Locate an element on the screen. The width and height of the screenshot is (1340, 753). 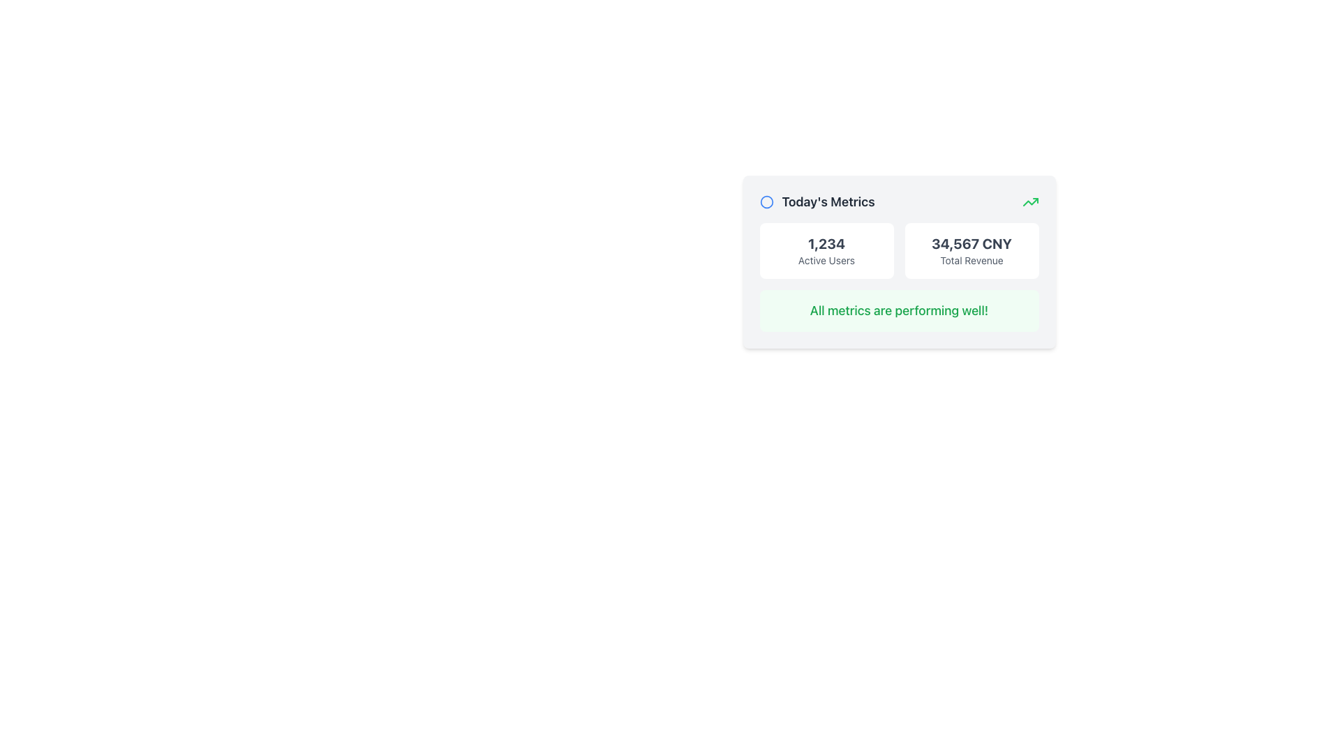
label that identifies the displayed metrics as 'Today's Metrics', located at the top-left corner of the statistics card is located at coordinates (817, 201).